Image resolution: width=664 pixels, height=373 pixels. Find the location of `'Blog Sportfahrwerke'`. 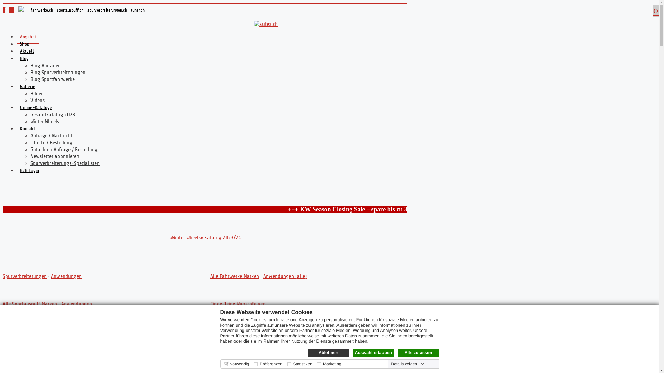

'Blog Sportfahrwerke' is located at coordinates (30, 79).